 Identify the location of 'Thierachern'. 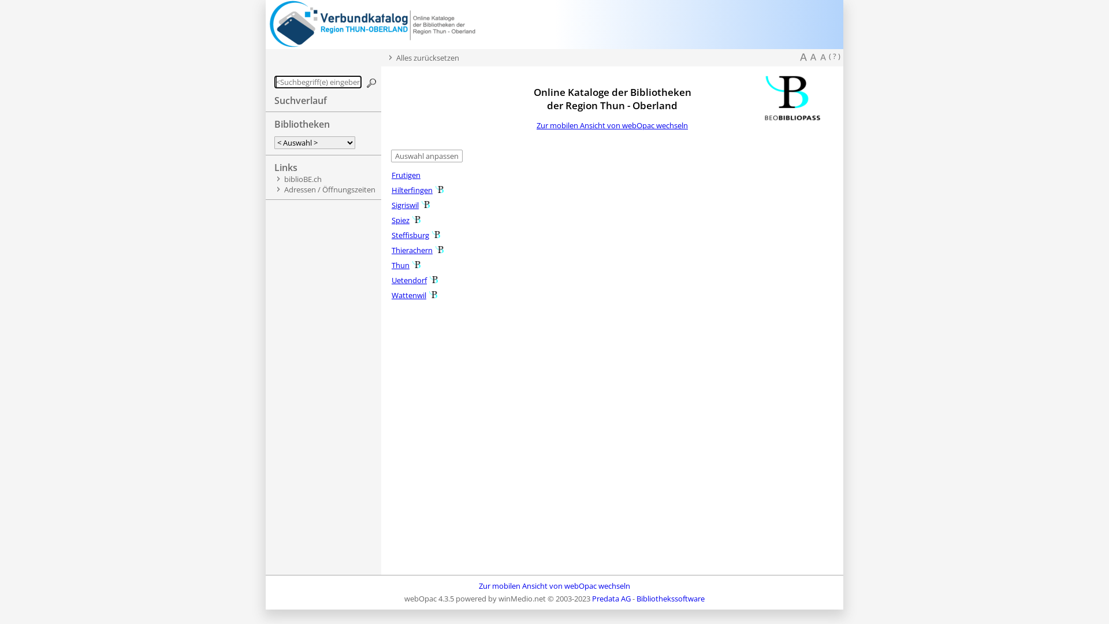
(412, 249).